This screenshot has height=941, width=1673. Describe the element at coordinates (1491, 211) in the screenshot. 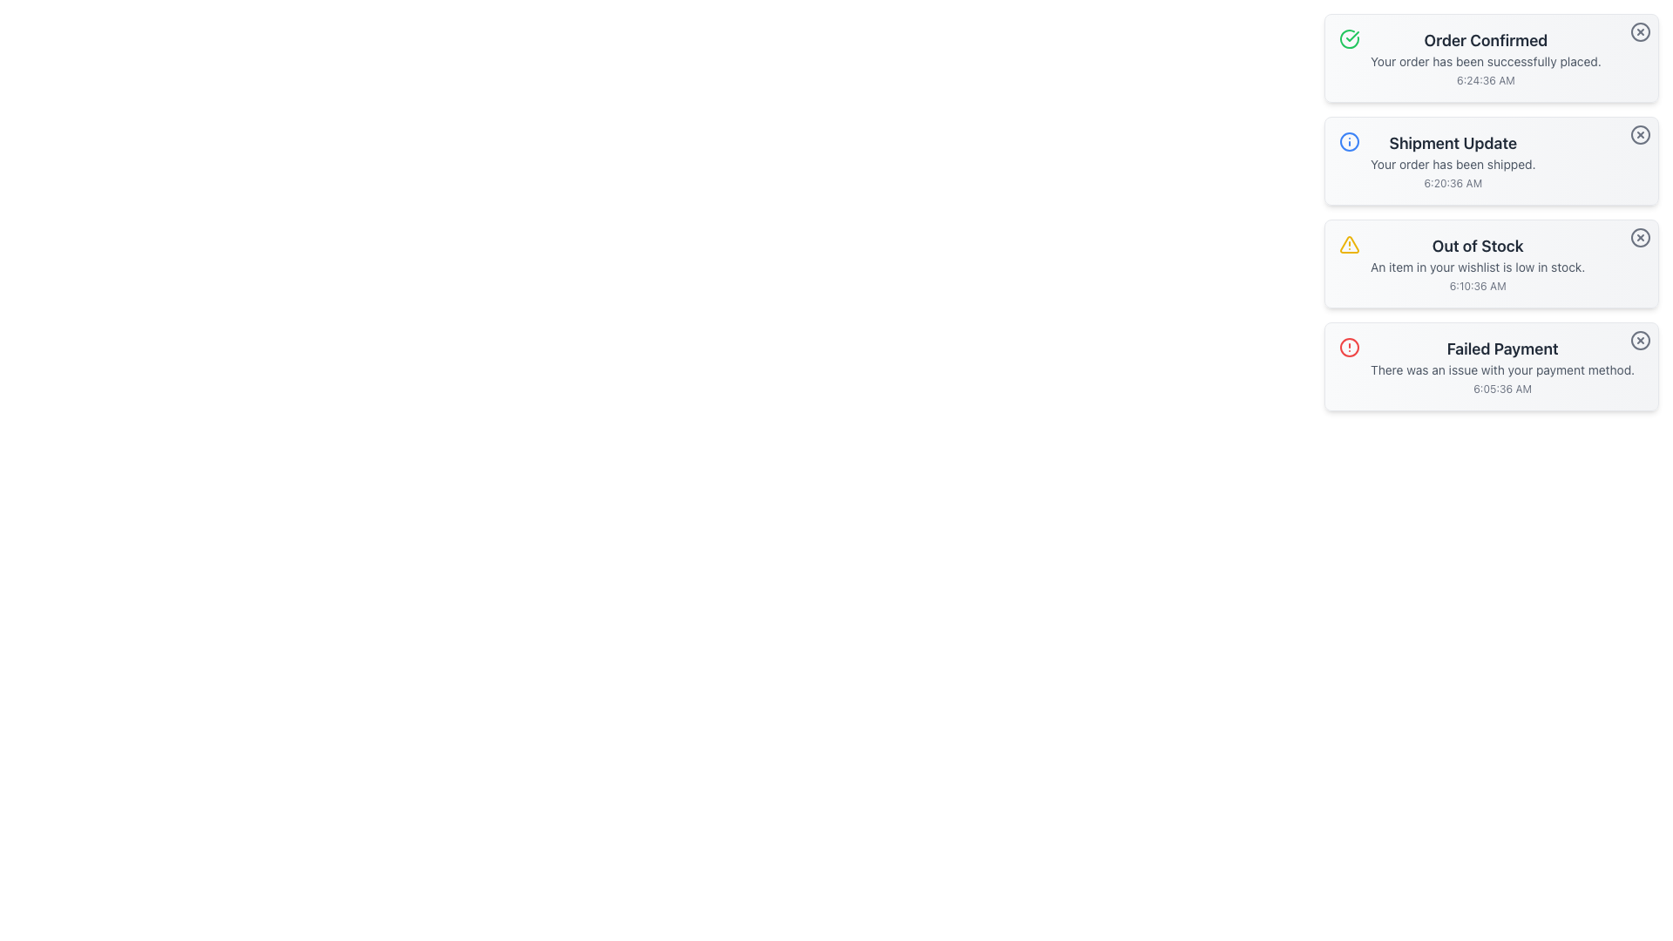

I see `the Notification card that indicates a stock update in the user's wishlist, which is the third notification from the top in a vertical stack of four notifications` at that location.